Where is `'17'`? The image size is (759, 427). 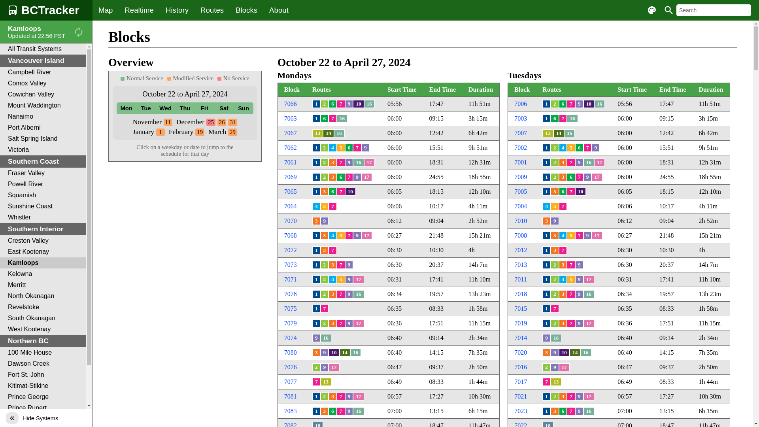
'17' is located at coordinates (594, 162).